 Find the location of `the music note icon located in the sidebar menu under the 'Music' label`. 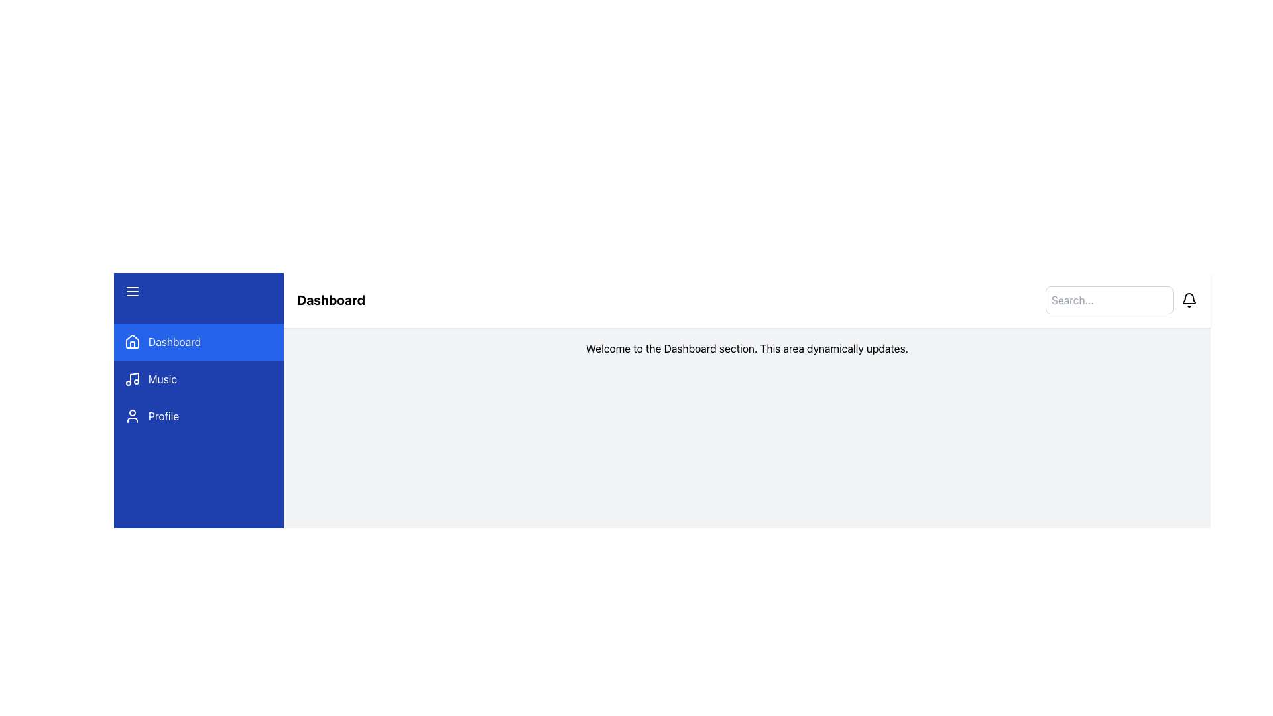

the music note icon located in the sidebar menu under the 'Music' label is located at coordinates (133, 379).